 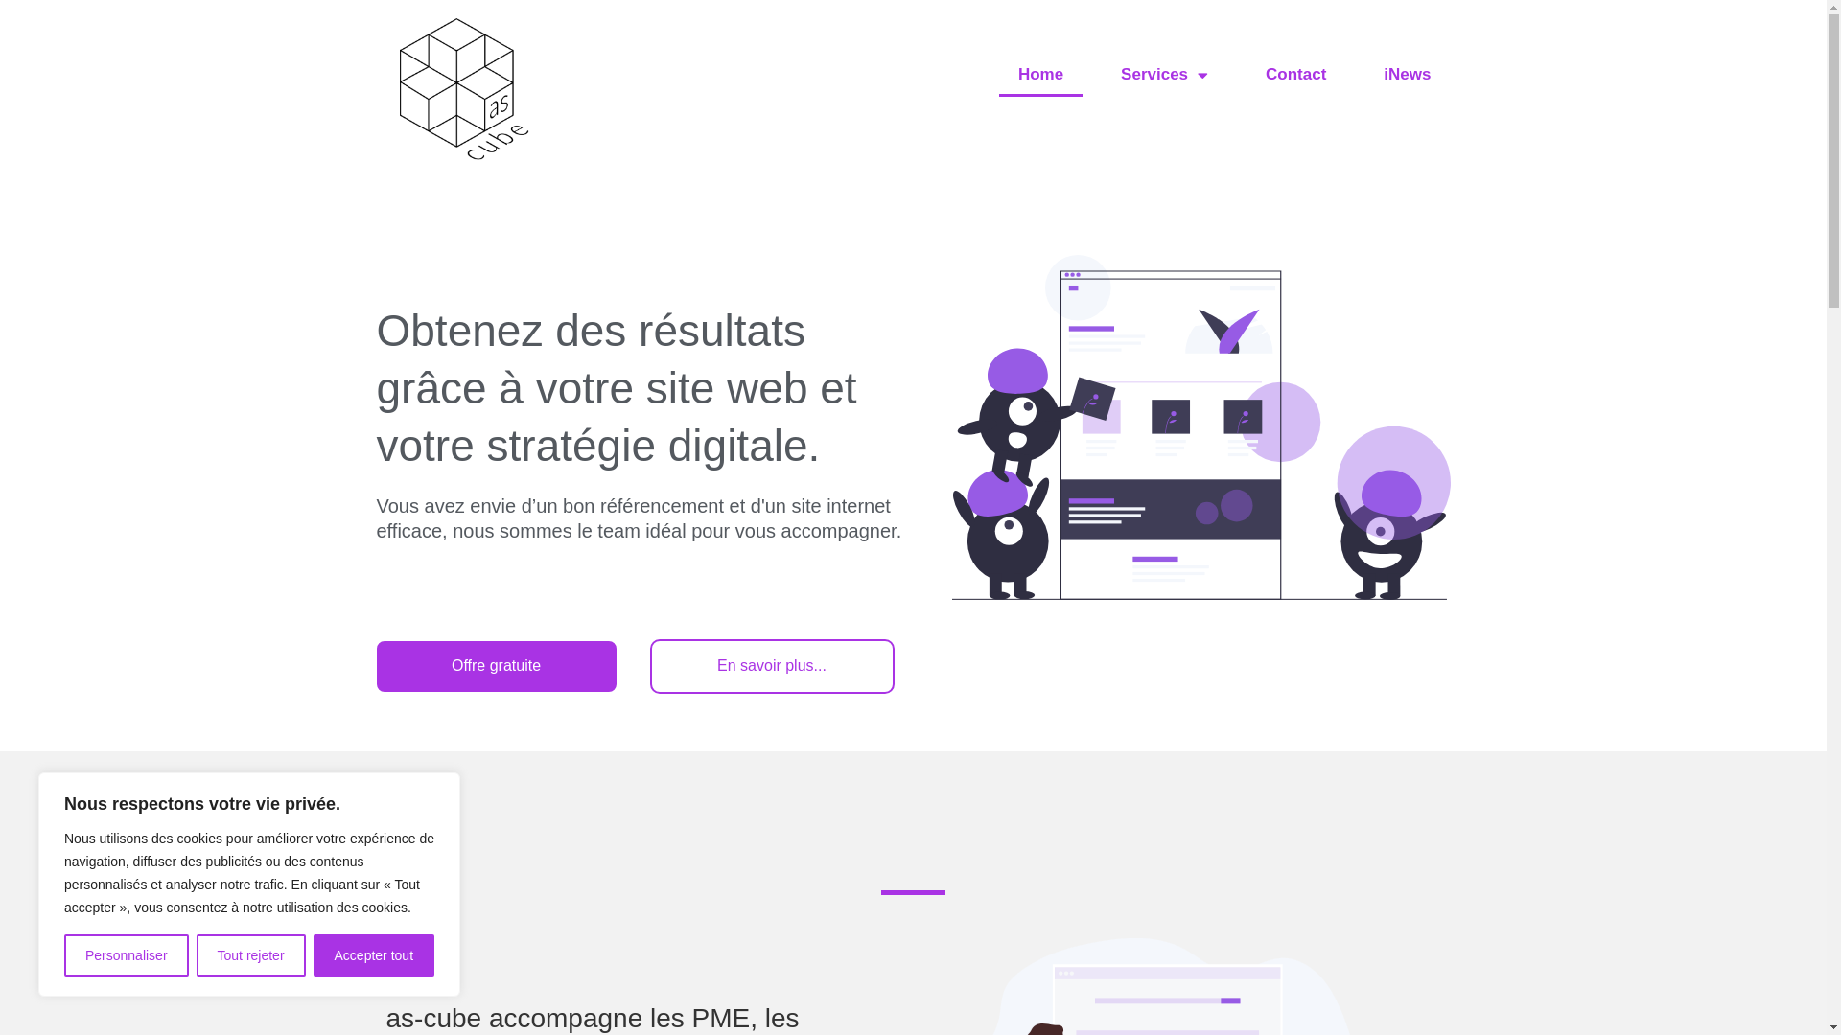 What do you see at coordinates (496, 664) in the screenshot?
I see `'Offre gratuite'` at bounding box center [496, 664].